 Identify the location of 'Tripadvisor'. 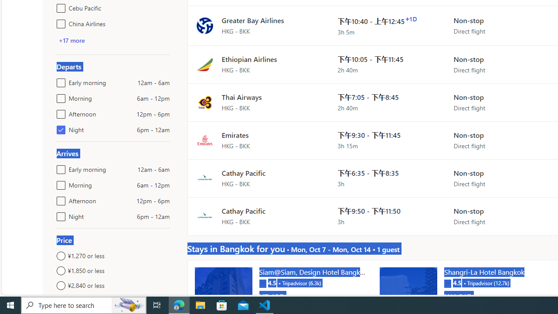
(448, 283).